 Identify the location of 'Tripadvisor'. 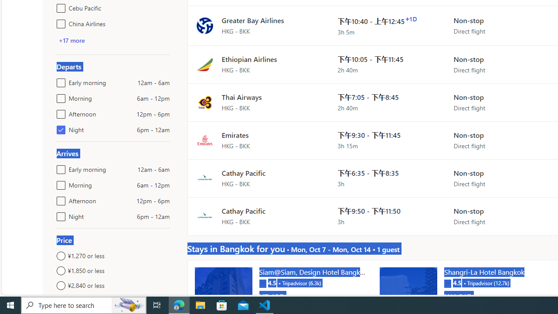
(448, 283).